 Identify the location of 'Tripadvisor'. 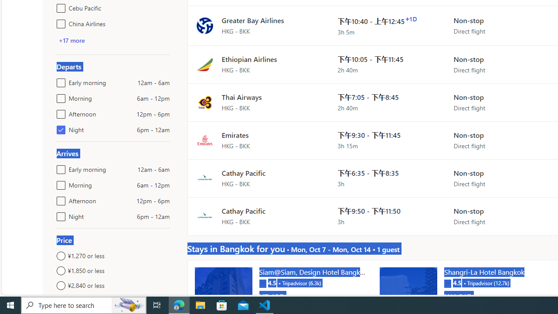
(448, 283).